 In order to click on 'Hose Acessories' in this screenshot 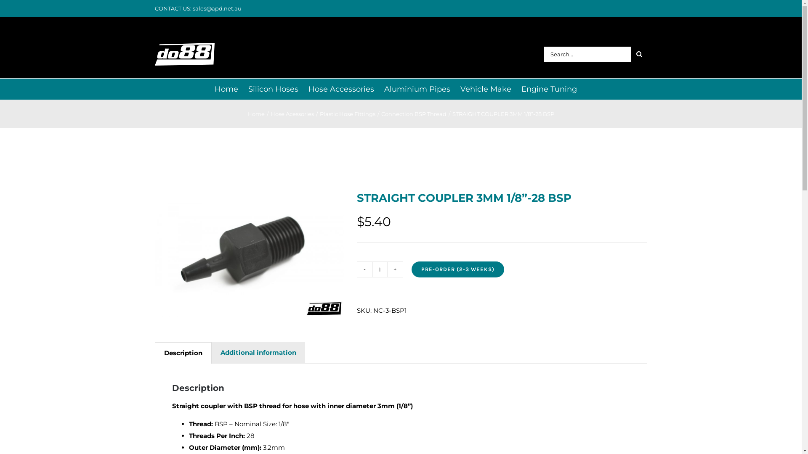, I will do `click(271, 113)`.